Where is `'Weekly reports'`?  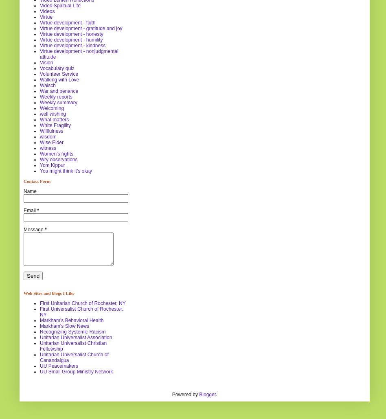 'Weekly reports' is located at coordinates (40, 96).